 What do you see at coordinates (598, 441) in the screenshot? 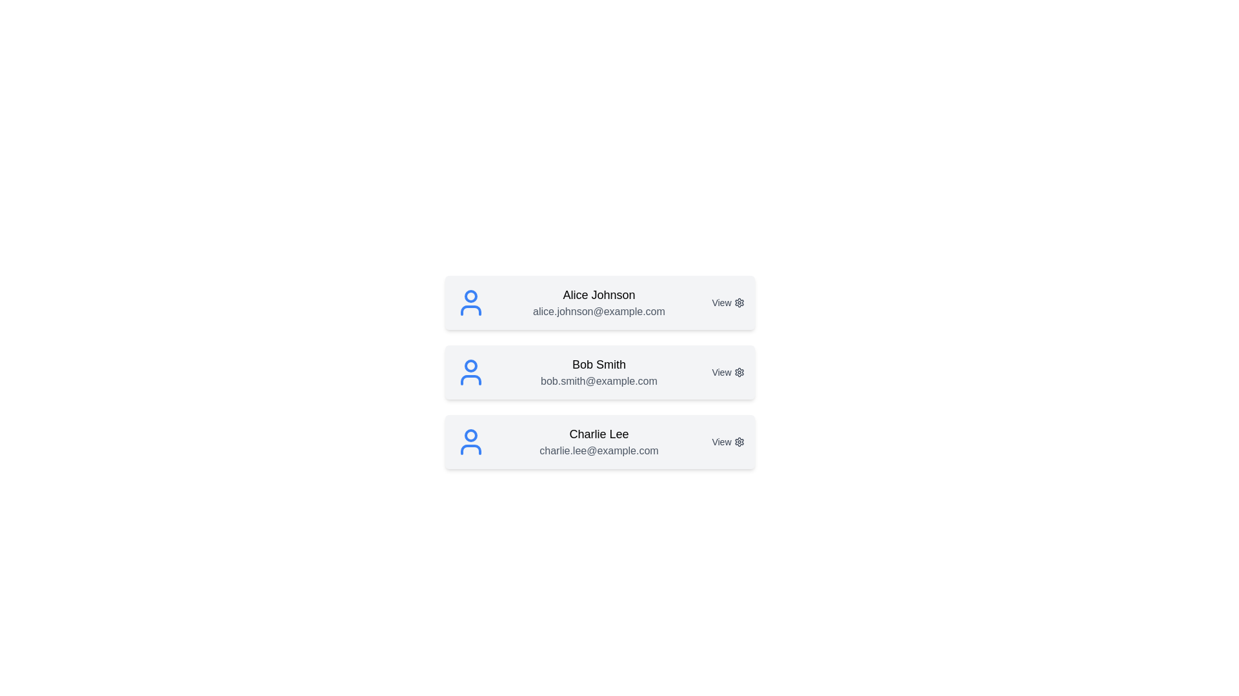
I see `the contact information display for 'Charlie Lee'` at bounding box center [598, 441].